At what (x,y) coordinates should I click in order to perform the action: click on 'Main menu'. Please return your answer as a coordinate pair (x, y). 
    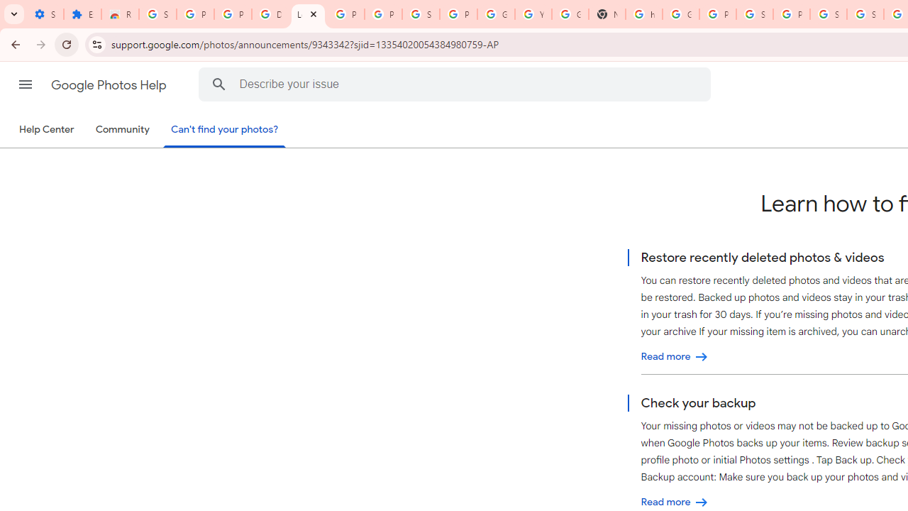
    Looking at the image, I should click on (25, 84).